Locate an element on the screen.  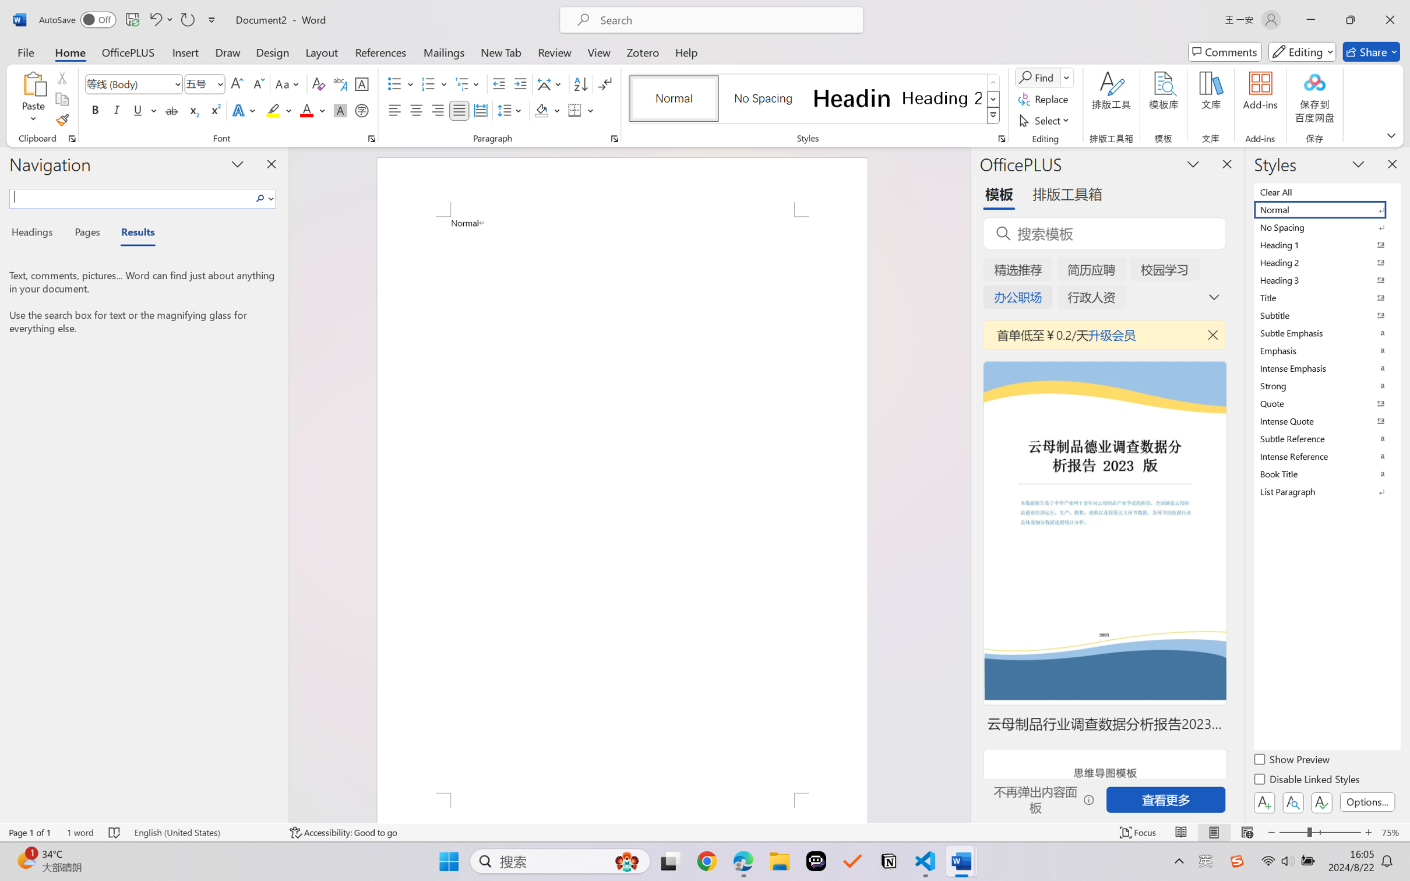
'Zoom' is located at coordinates (1320, 832).